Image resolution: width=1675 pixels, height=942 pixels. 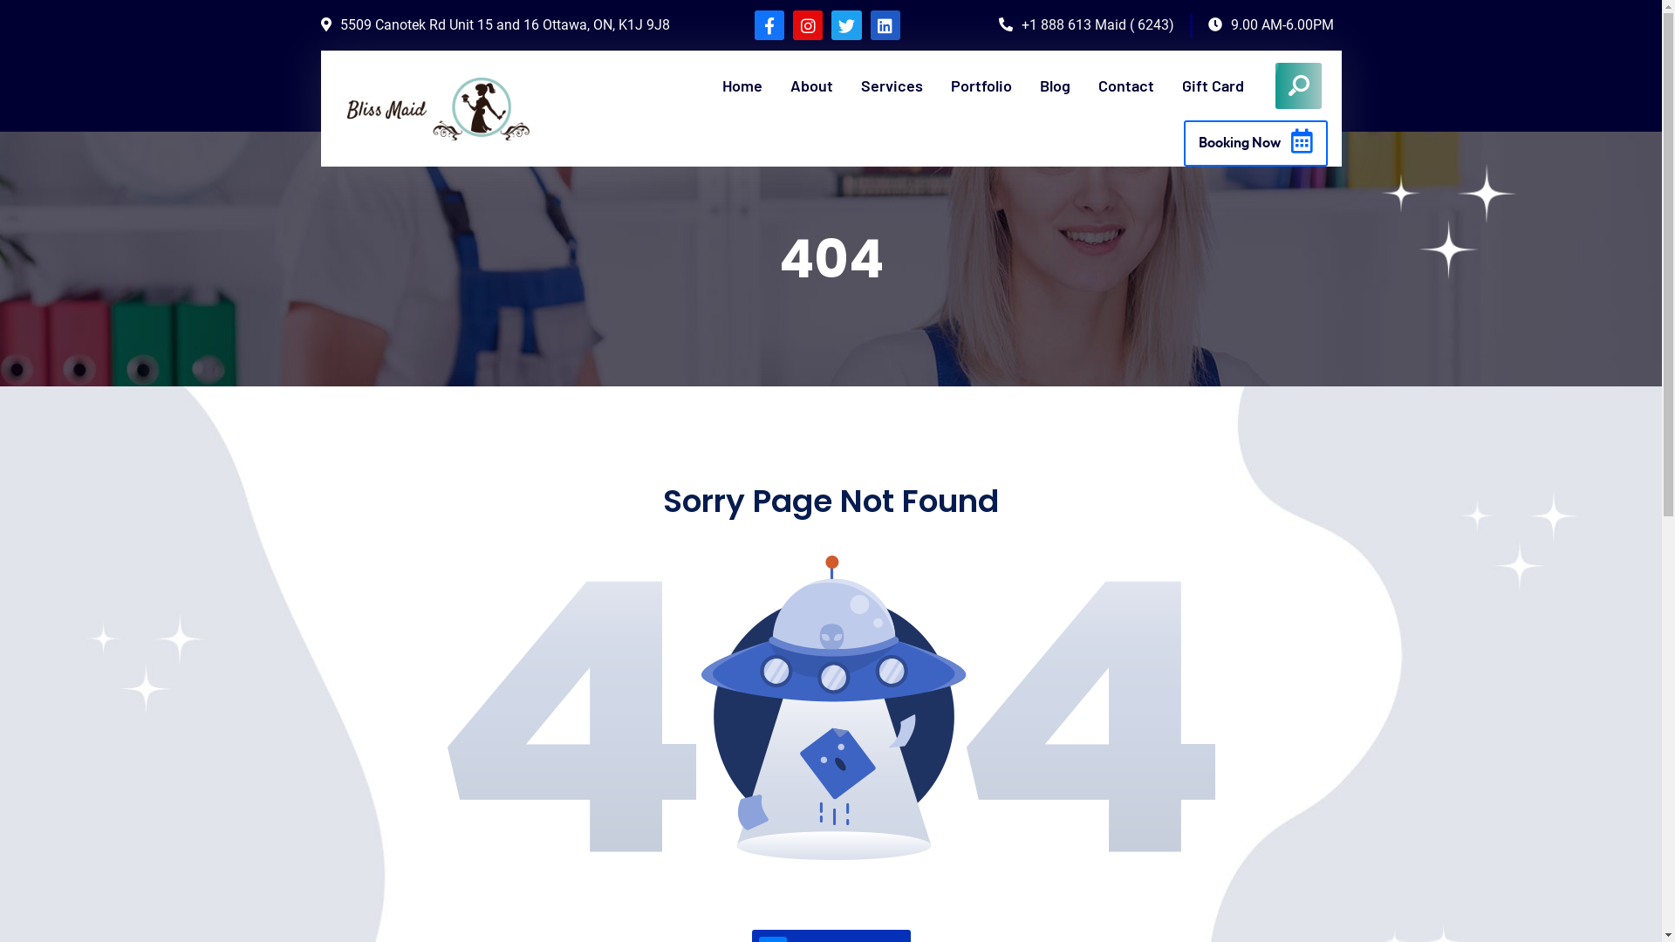 I want to click on 'Blog', so click(x=1054, y=85).